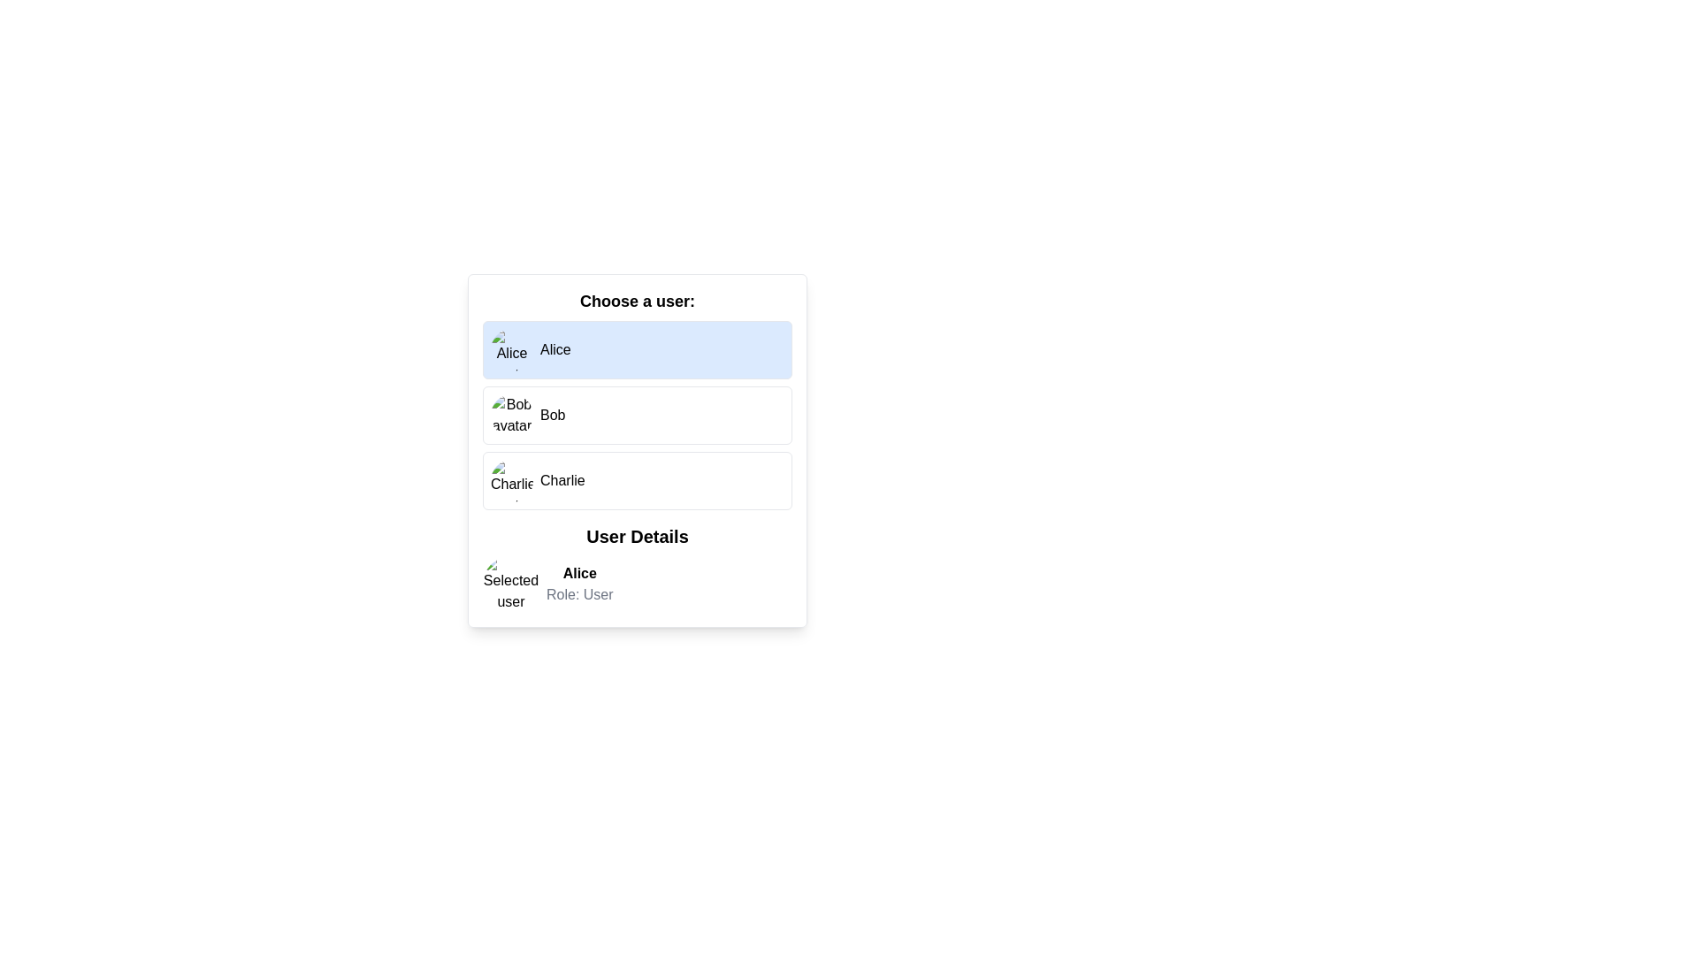  Describe the element at coordinates (552, 416) in the screenshot. I see `the text element that indicates the name of the user associated with the 'Bob' selection option, which is located immediately to the right of the avatar image in the second selection list item` at that location.